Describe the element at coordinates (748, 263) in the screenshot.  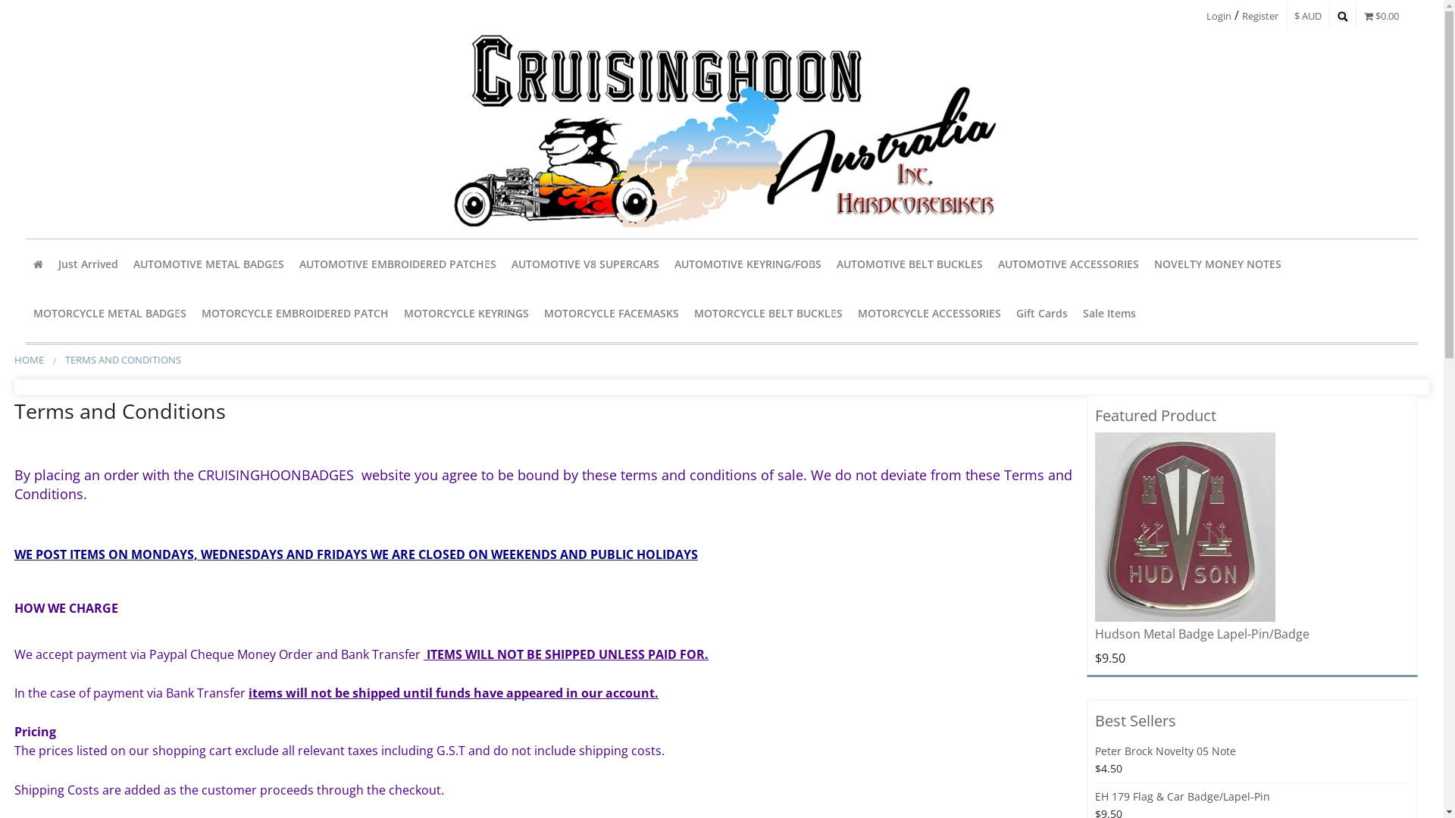
I see `'AUTOMOTIVE KEYRING/FOBS'` at that location.